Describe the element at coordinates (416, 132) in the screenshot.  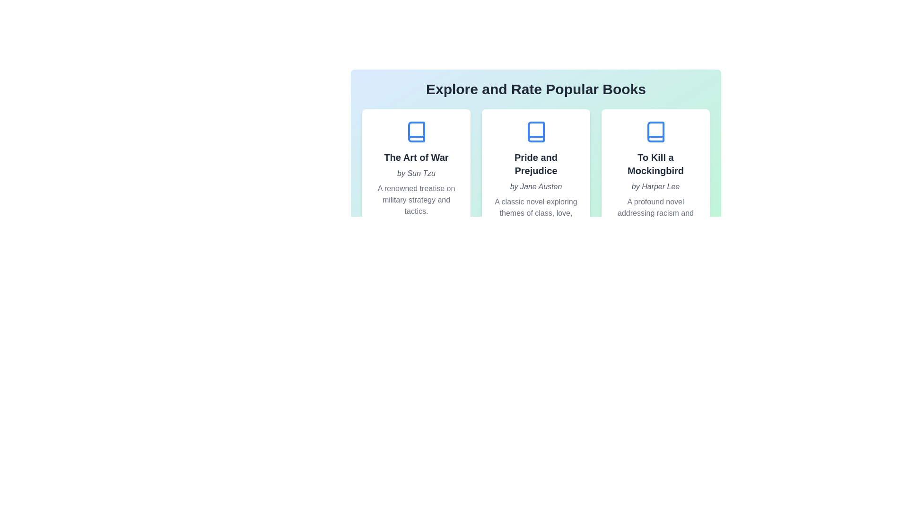
I see `the book icon for the book titled 'The Art of War' to indicate interest` at that location.